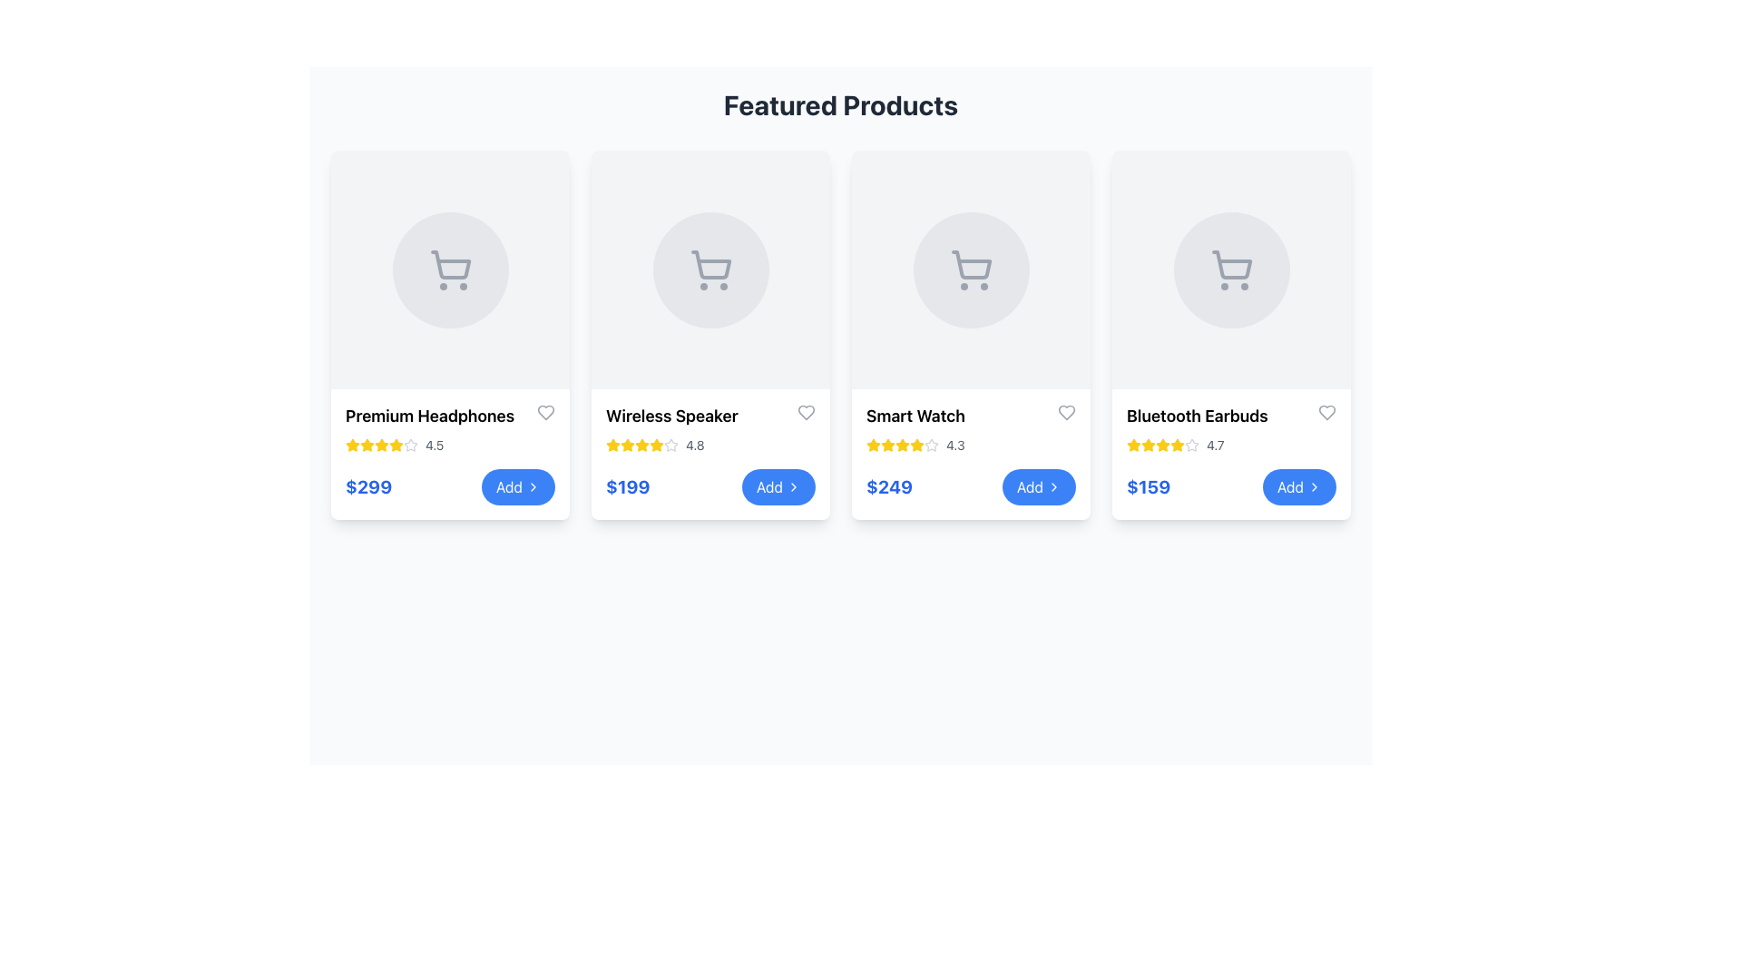 The width and height of the screenshot is (1742, 980). Describe the element at coordinates (366, 445) in the screenshot. I see `the third star icon, which is yellow and indicates a 4.5 rating, located in the 'Premium Headphones' card in the 'Featured Products' grid` at that location.